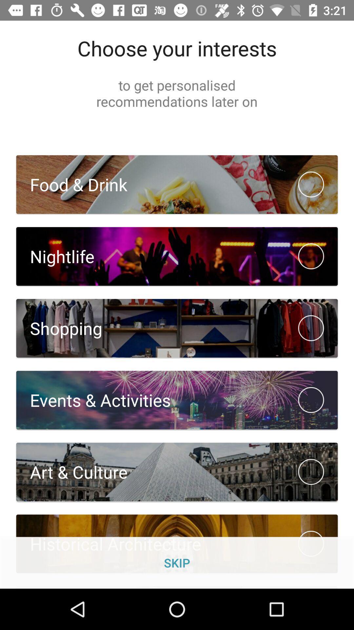 This screenshot has width=354, height=630. I want to click on icon on the right side of art  culture, so click(311, 472).